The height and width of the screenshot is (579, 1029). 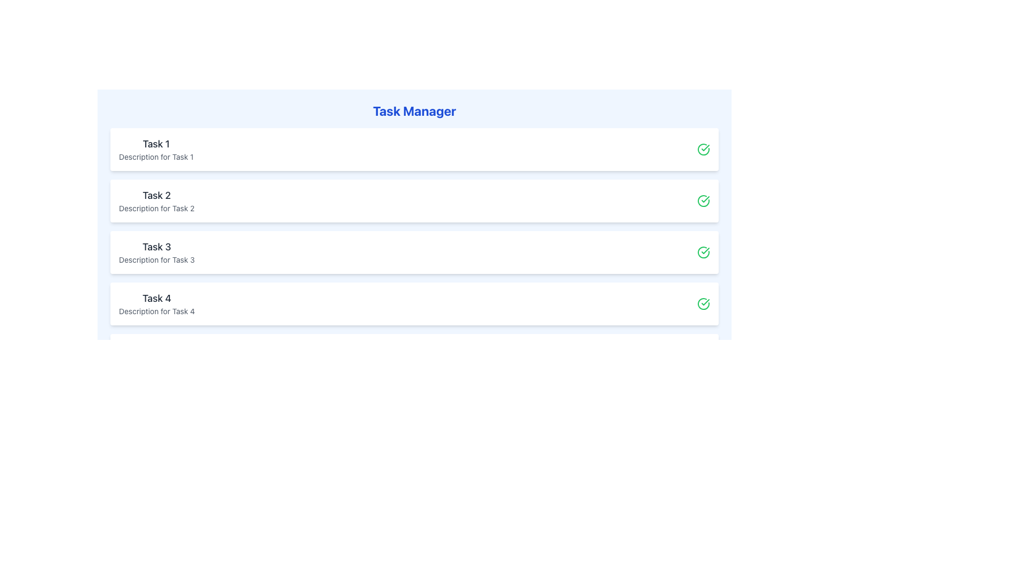 What do you see at coordinates (156, 247) in the screenshot?
I see `the text label displaying 'Task 3' in a bold font located at the top part of the third task card` at bounding box center [156, 247].